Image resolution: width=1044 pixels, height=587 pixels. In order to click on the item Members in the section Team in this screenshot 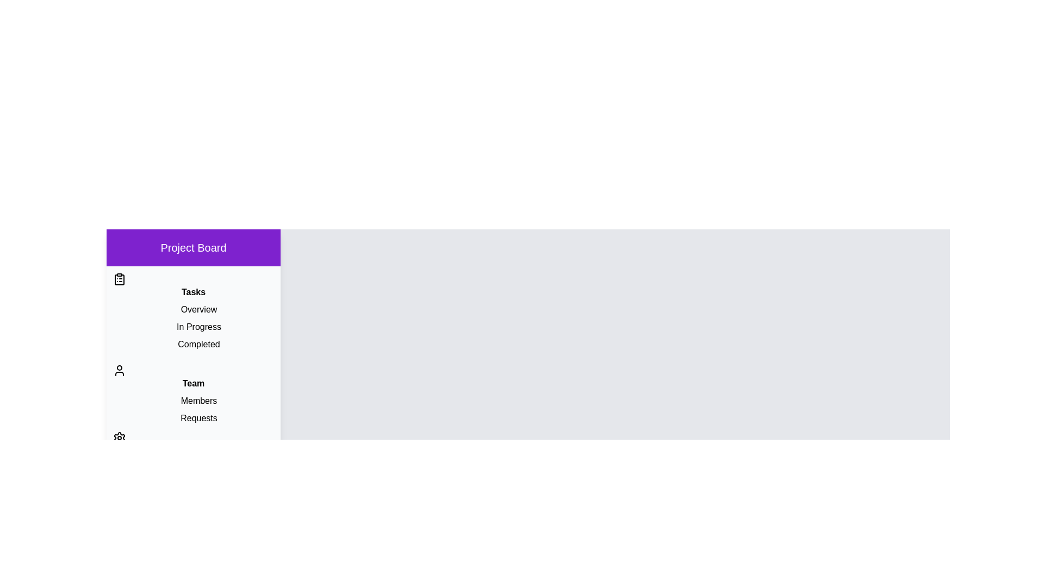, I will do `click(193, 401)`.